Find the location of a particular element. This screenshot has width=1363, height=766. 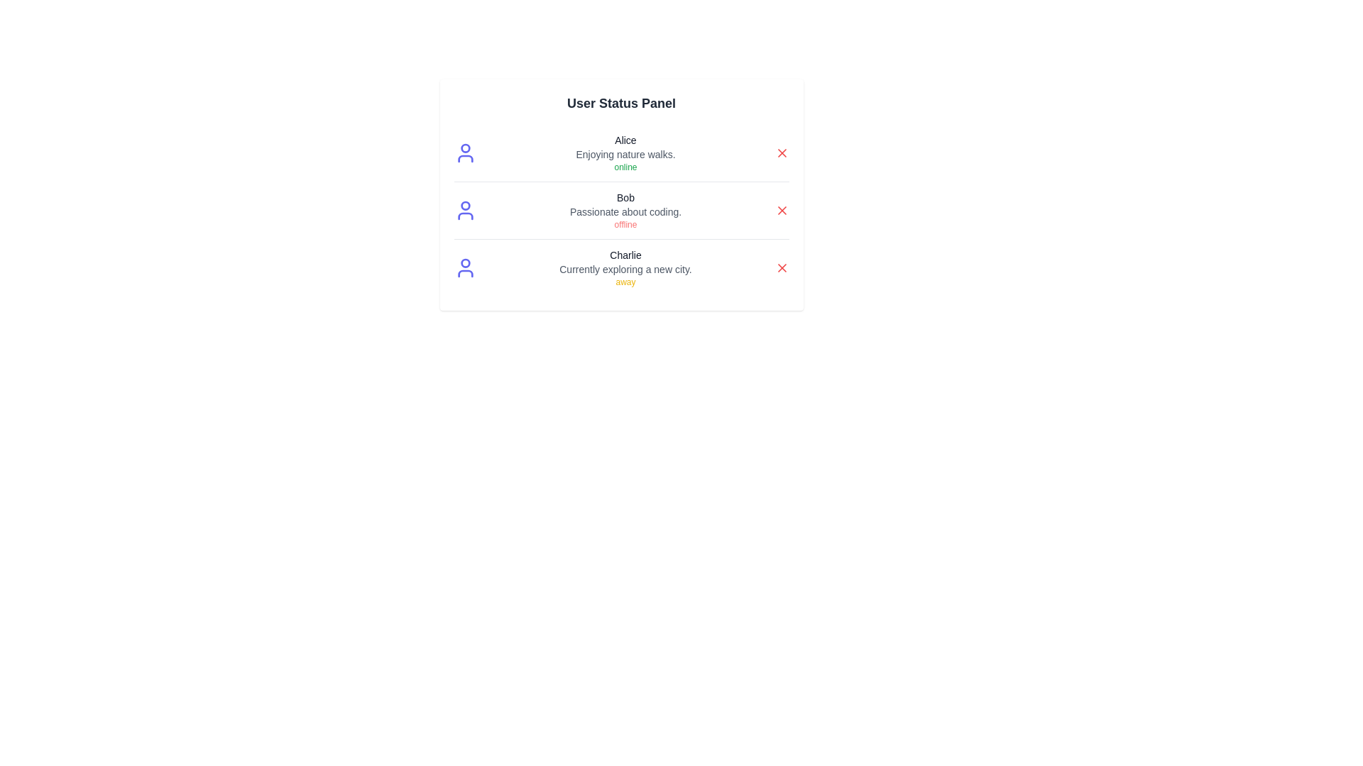

the Informational display block that shows user information, including name, status message, and availability, located in the third position under the 'User Status Panel' header is located at coordinates (625, 268).